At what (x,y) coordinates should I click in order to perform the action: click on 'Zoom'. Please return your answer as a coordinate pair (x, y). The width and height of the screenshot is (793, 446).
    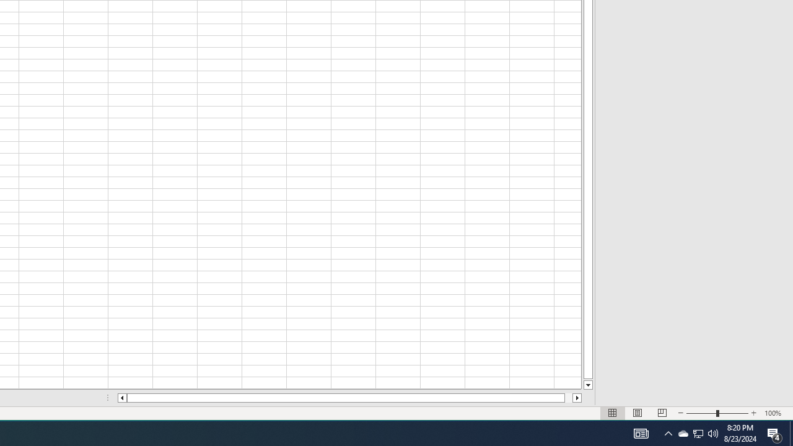
    Looking at the image, I should click on (717, 413).